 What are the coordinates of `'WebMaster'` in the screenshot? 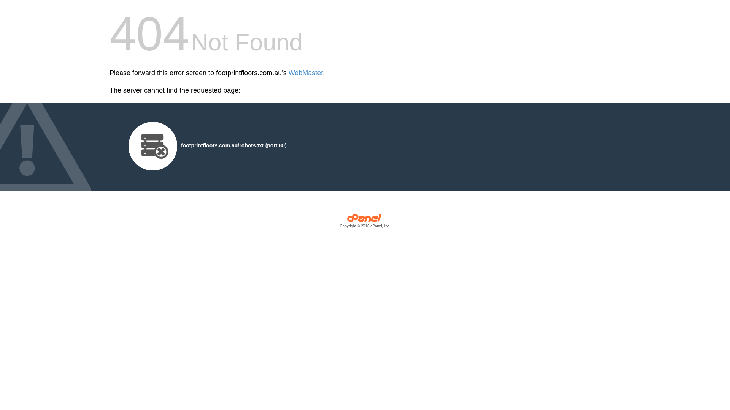 It's located at (306, 73).